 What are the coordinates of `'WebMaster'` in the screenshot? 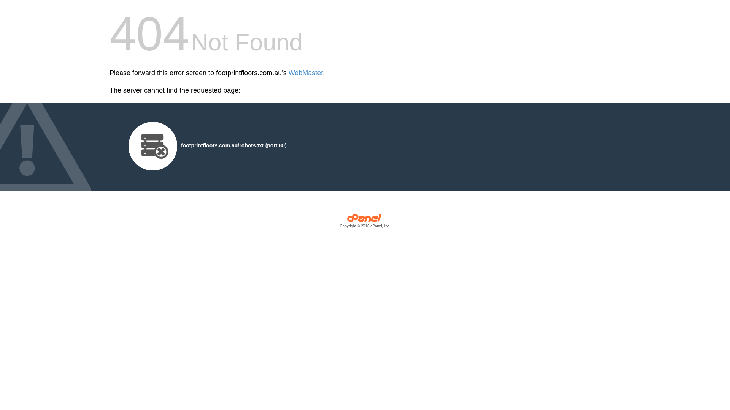 It's located at (306, 73).